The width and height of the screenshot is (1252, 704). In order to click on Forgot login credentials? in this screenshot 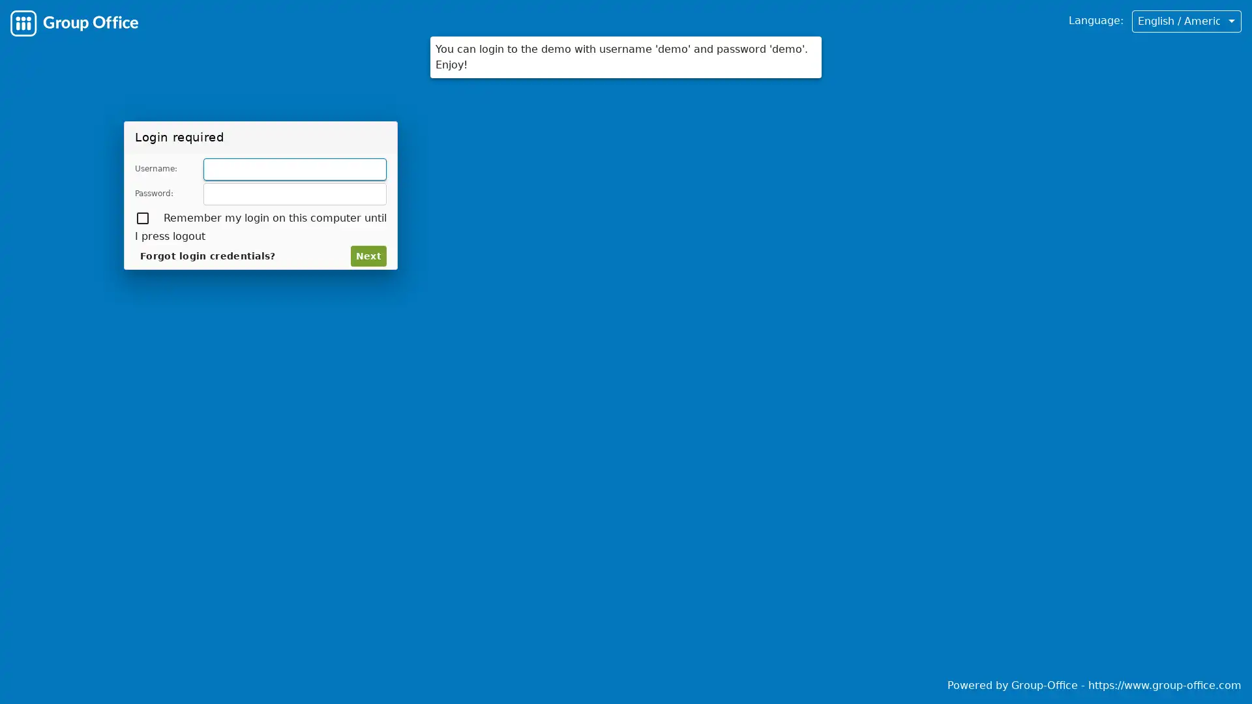, I will do `click(192, 256)`.